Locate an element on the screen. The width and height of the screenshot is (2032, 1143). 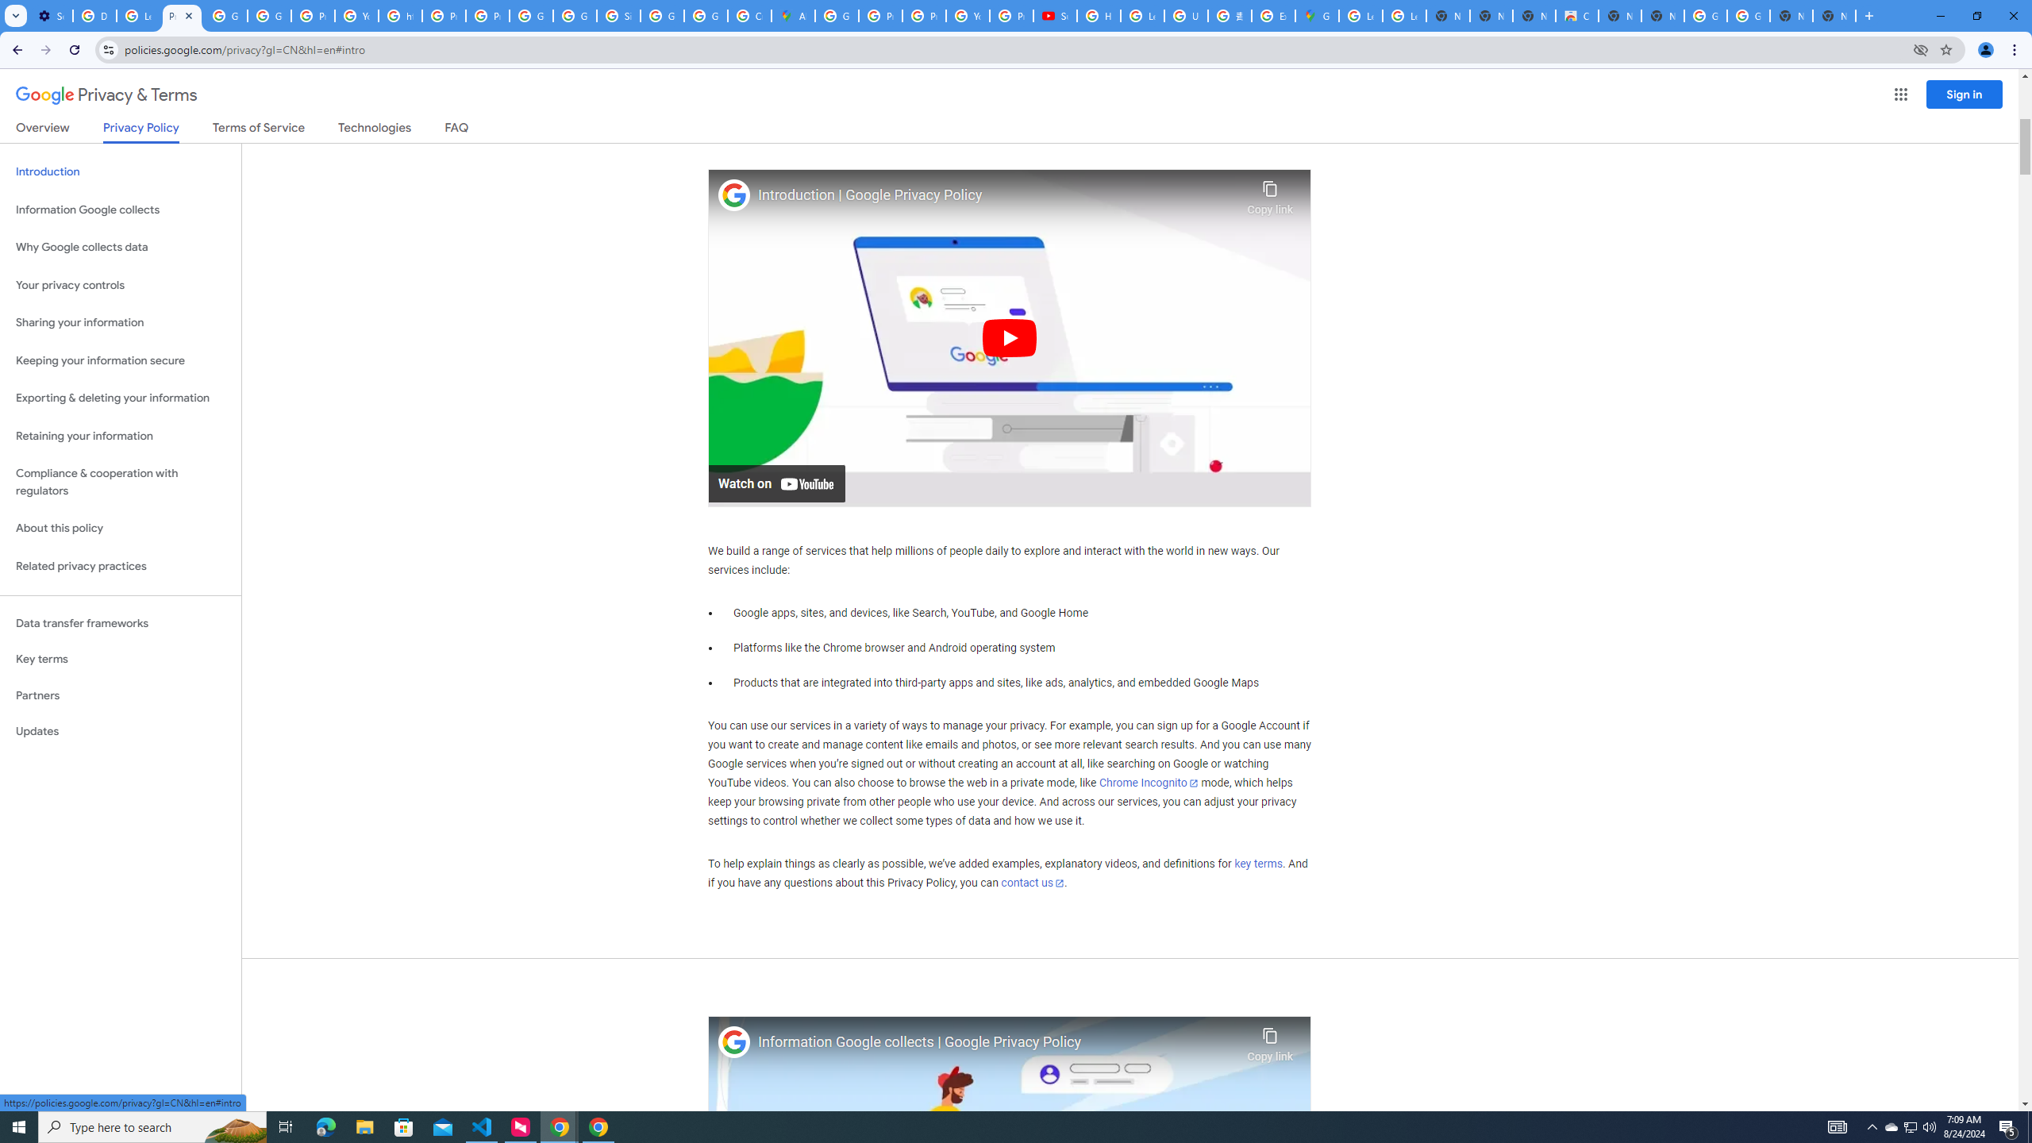
'Forward' is located at coordinates (45, 49).